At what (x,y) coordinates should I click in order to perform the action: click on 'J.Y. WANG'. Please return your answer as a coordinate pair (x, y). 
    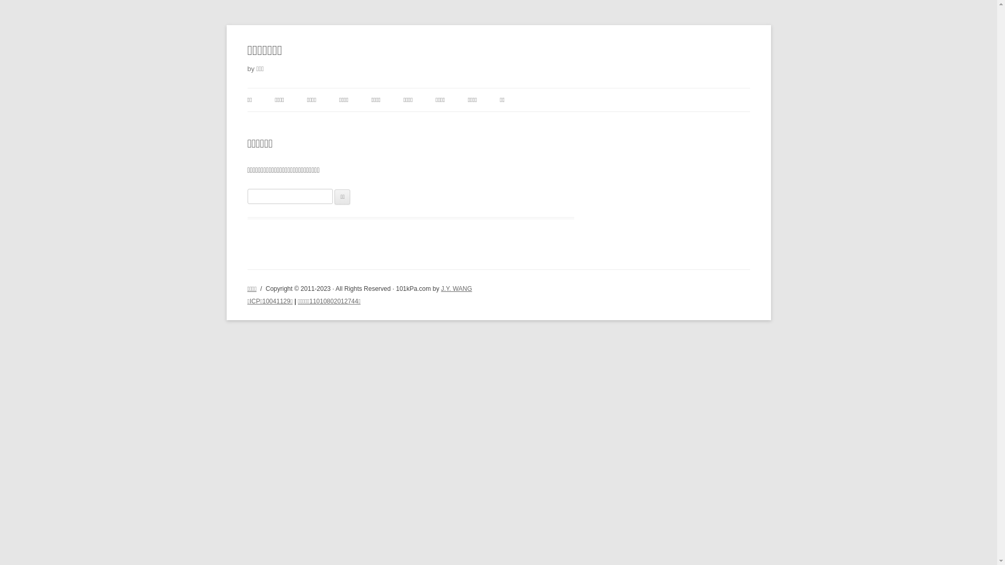
    Looking at the image, I should click on (441, 288).